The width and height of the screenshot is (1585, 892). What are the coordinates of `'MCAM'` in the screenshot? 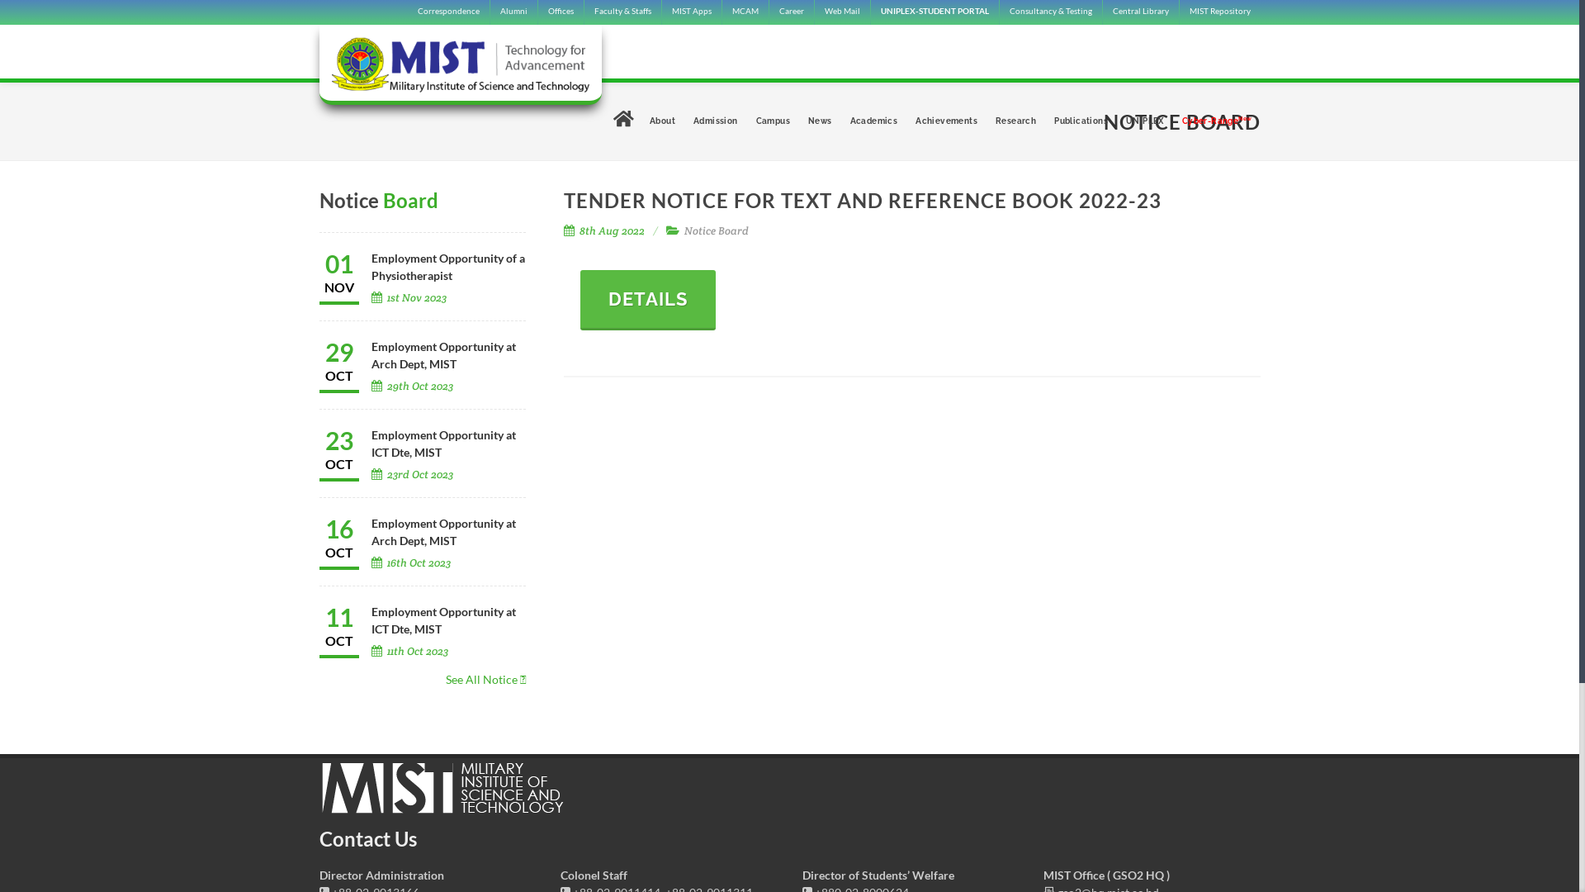 It's located at (744, 12).